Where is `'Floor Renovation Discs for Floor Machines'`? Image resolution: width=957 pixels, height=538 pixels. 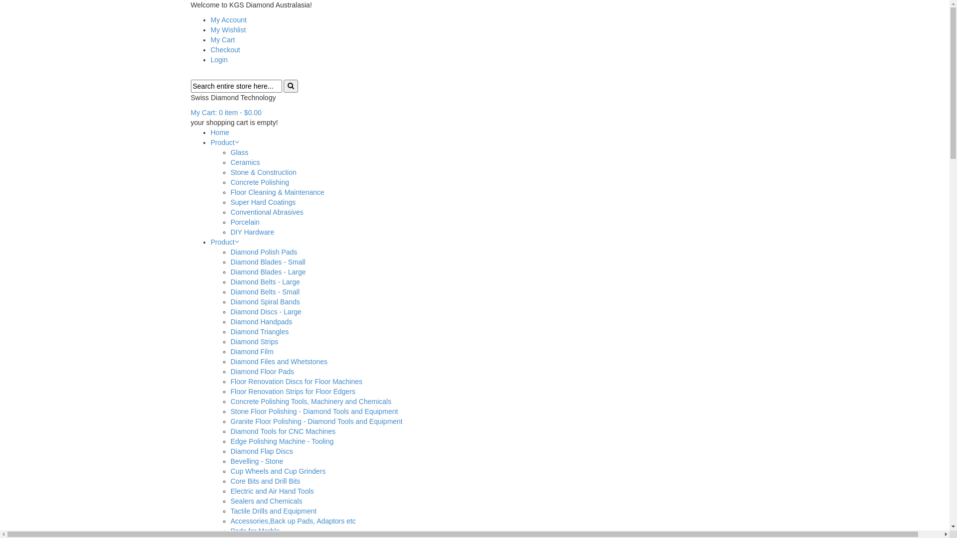
'Floor Renovation Discs for Floor Machines' is located at coordinates (296, 381).